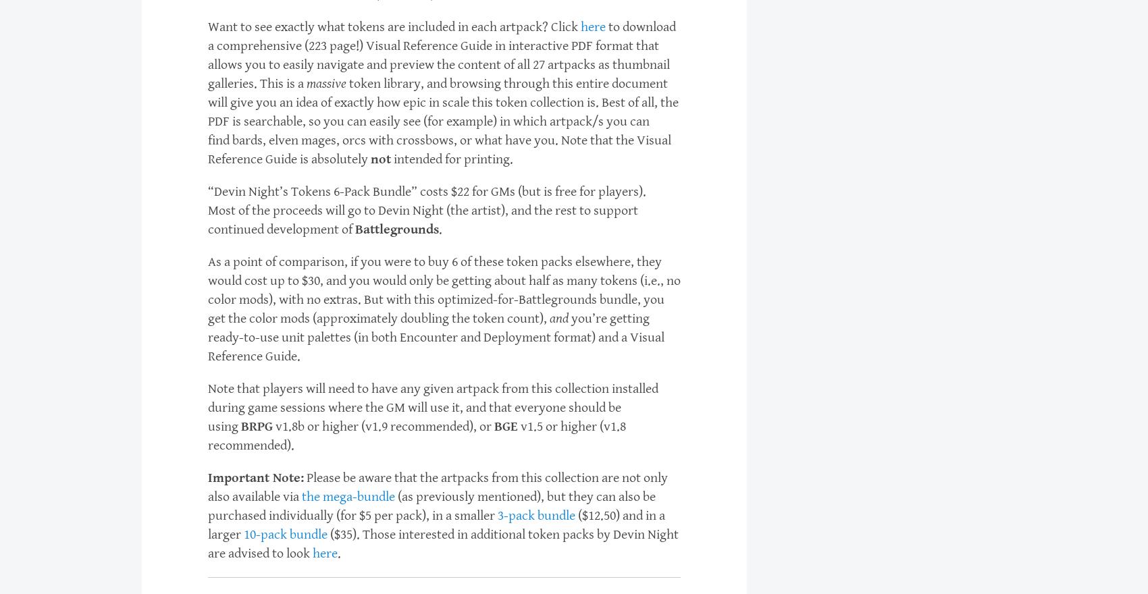 The image size is (1148, 594). Describe the element at coordinates (444, 290) in the screenshot. I see `'As a point of comparison, if you were to buy 6 of these token packs elsewhere, they would cost up to $30, and you would only be getting about half as many tokens (i.e., no color mods), with no extras. But with this optimized-for-Battlegrounds bundle, you get the color mods (approximately doubling the token count),'` at that location.